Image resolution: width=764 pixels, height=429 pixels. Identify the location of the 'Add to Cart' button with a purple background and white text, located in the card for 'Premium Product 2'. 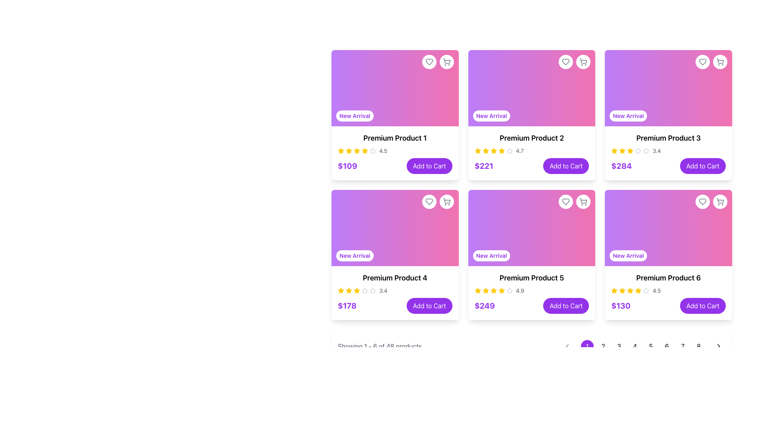
(565, 165).